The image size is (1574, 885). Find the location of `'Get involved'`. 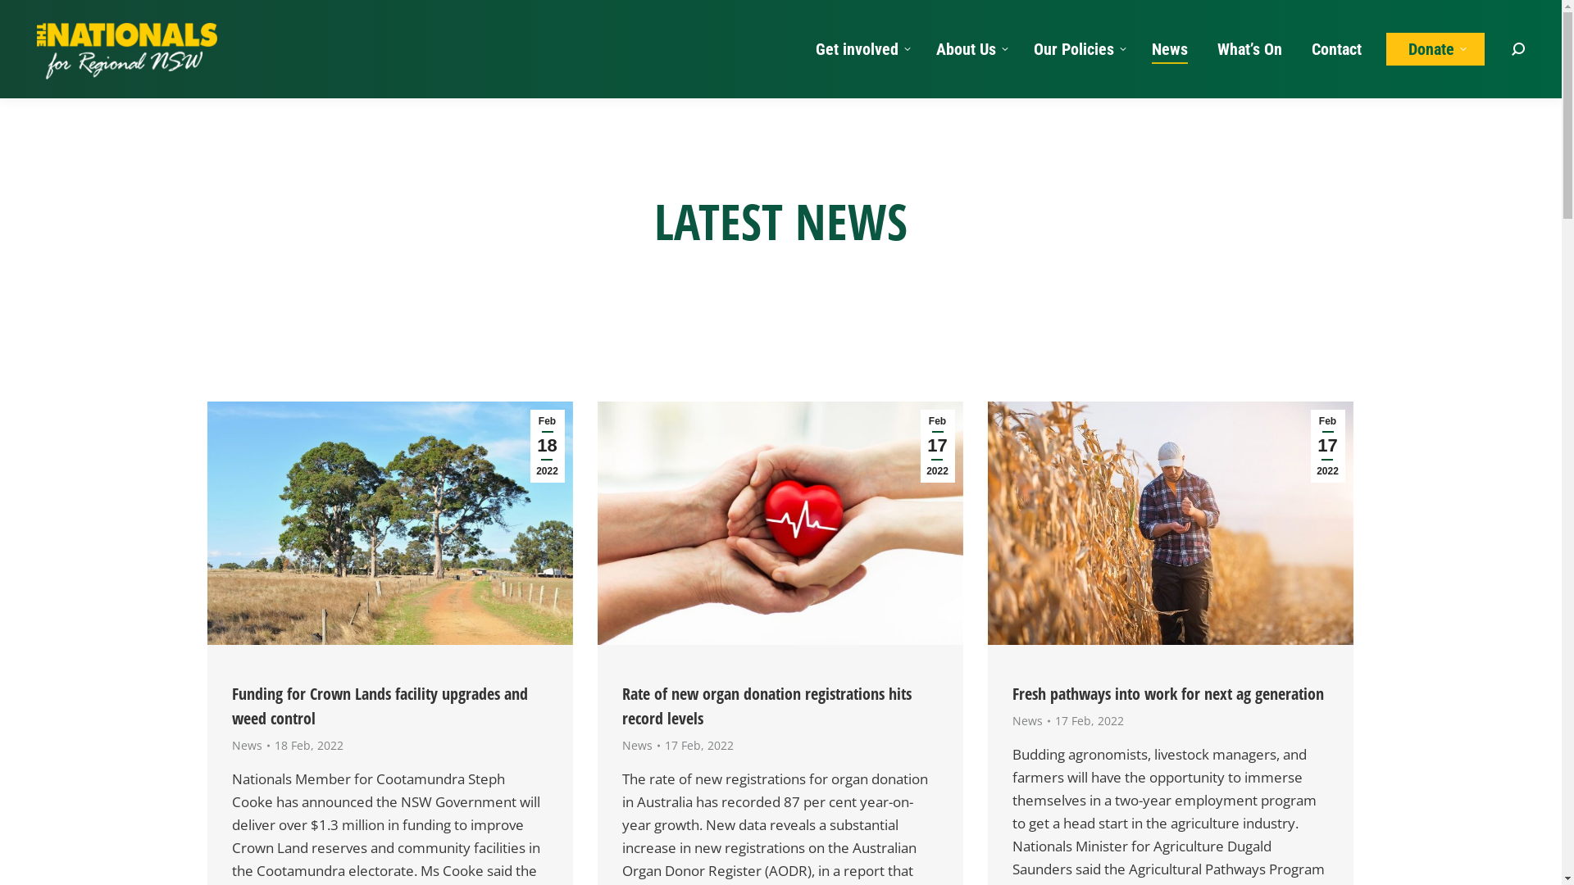

'Get involved' is located at coordinates (860, 48).